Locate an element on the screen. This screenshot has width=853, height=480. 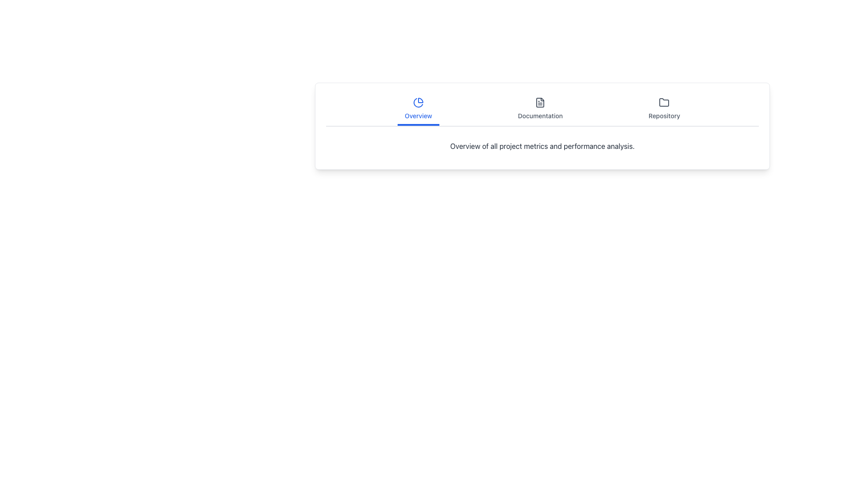
the 'Overview' text label, which is styled in medium blue font and located centrally below a pie chart icon within the active tab navigation layout is located at coordinates (418, 116).